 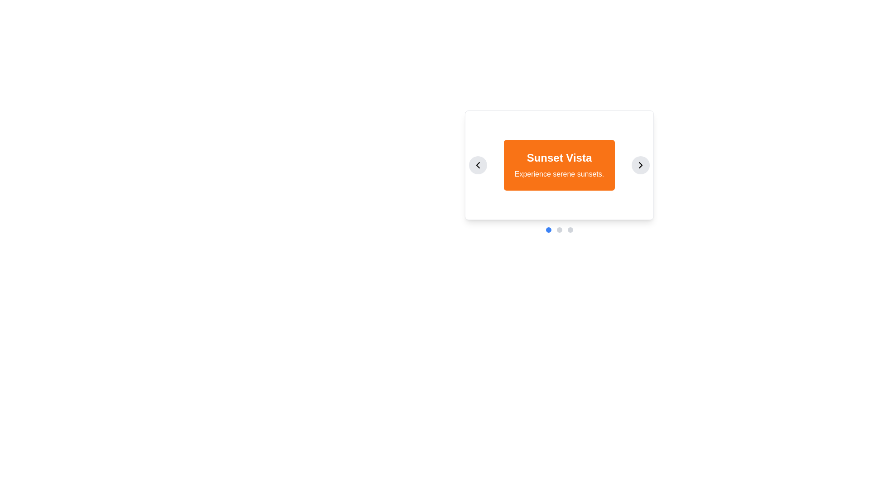 What do you see at coordinates (570, 230) in the screenshot?
I see `the third circular indicator button with a gray background located below the central content area` at bounding box center [570, 230].